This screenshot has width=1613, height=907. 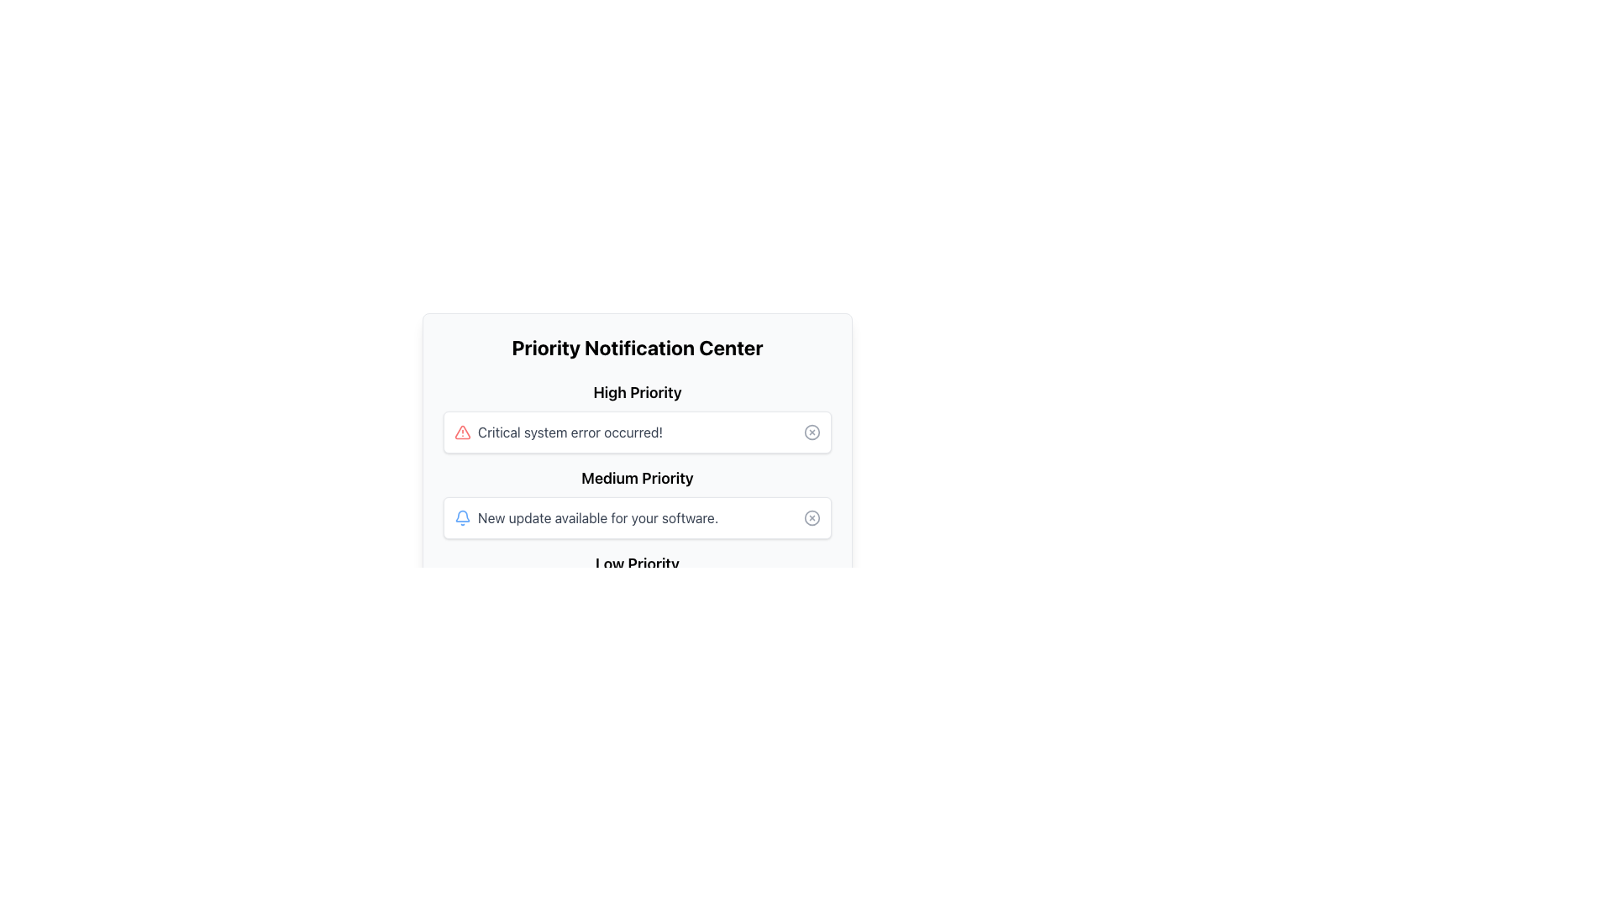 What do you see at coordinates (559, 432) in the screenshot?
I see `the Alert message with icon and text that notifies the user about a critical system error, positioned under the 'High Priority' section in the 'Priority Notification Center'` at bounding box center [559, 432].